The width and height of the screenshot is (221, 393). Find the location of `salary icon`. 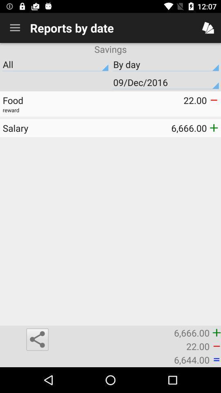

salary icon is located at coordinates (56, 128).